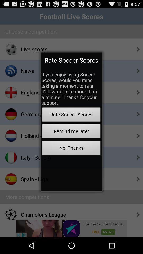 The width and height of the screenshot is (143, 254). Describe the element at coordinates (71, 132) in the screenshot. I see `the remind me later button` at that location.